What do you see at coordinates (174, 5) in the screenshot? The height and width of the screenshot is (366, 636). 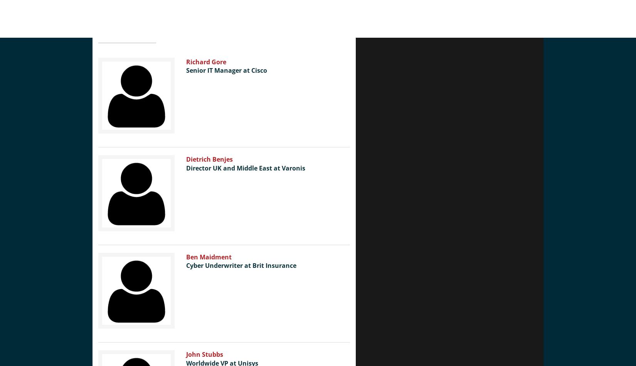 I see `'Close'` at bounding box center [174, 5].